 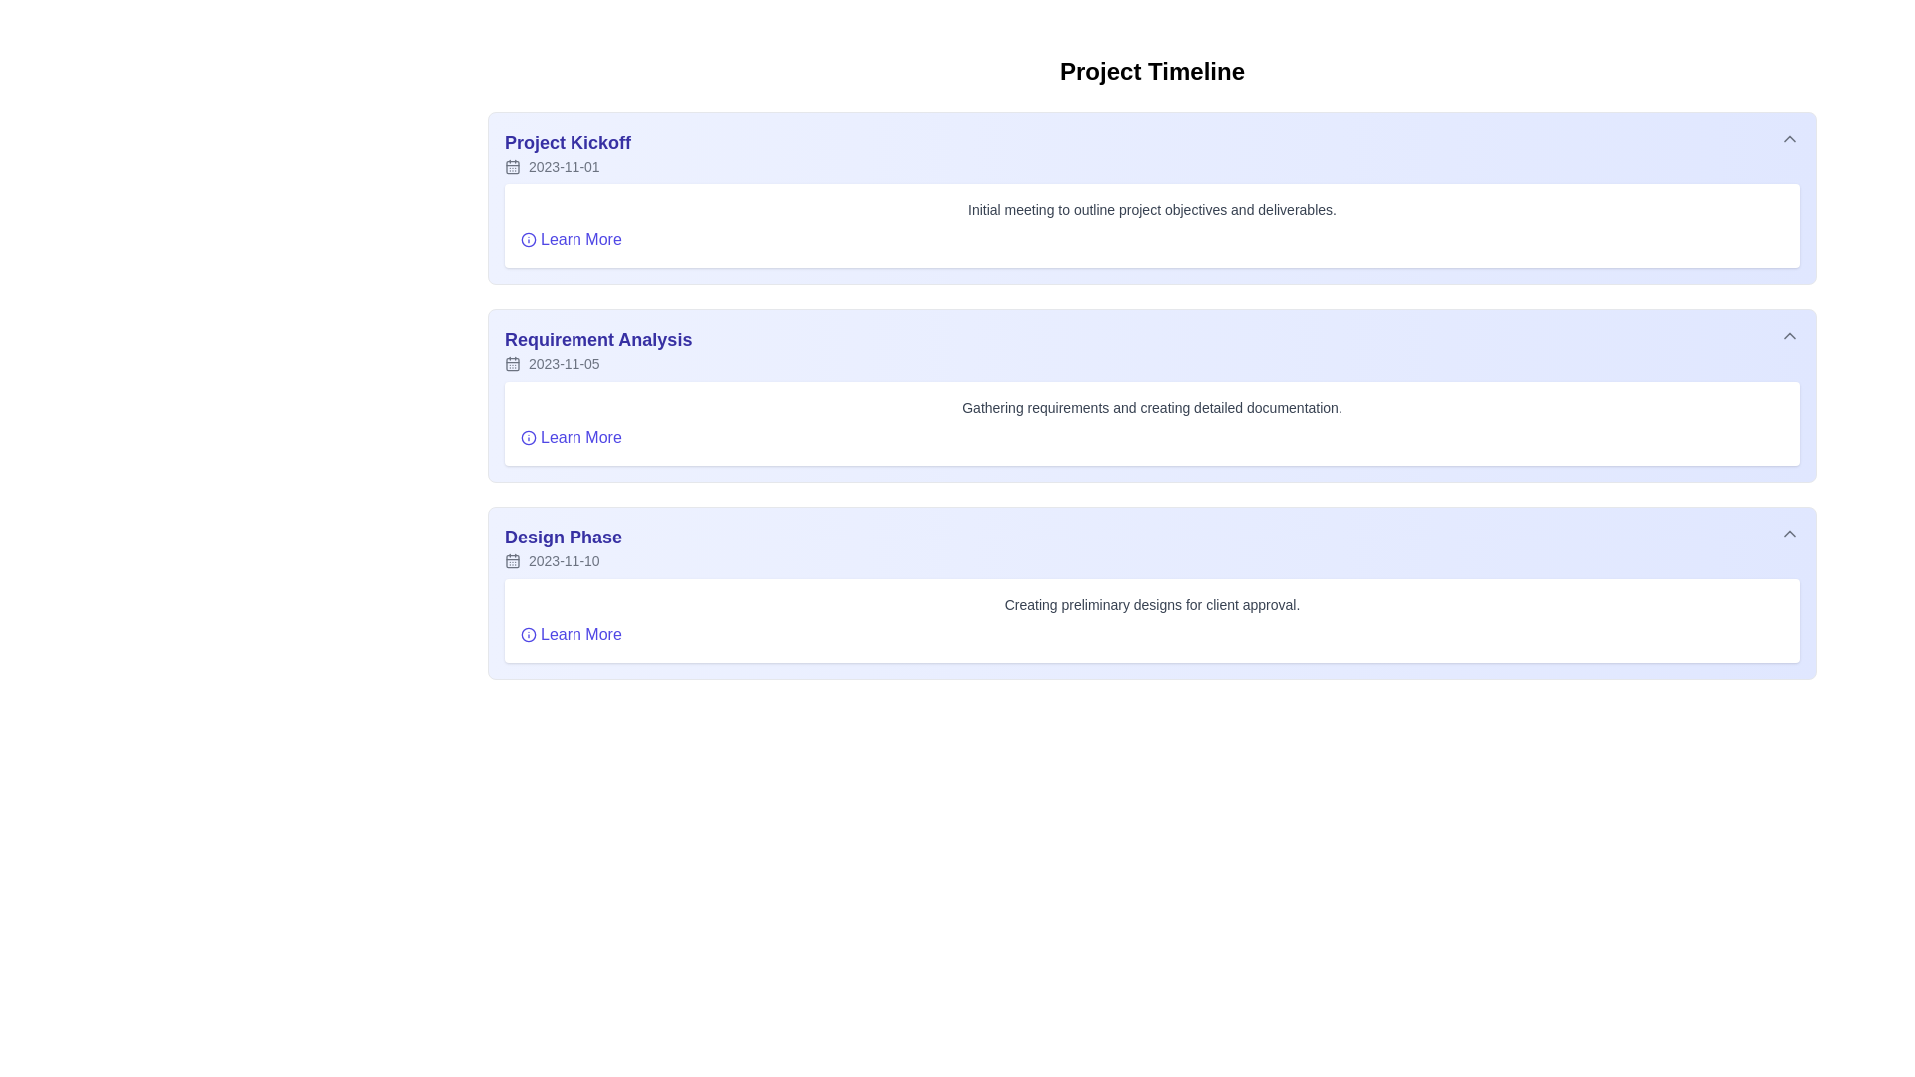 I want to click on the small circular 'info' icon with a thin, rounded border, located to the left of the 'Learn More' text under the 'Design Phase' section in the third card of the timeline, so click(x=528, y=634).